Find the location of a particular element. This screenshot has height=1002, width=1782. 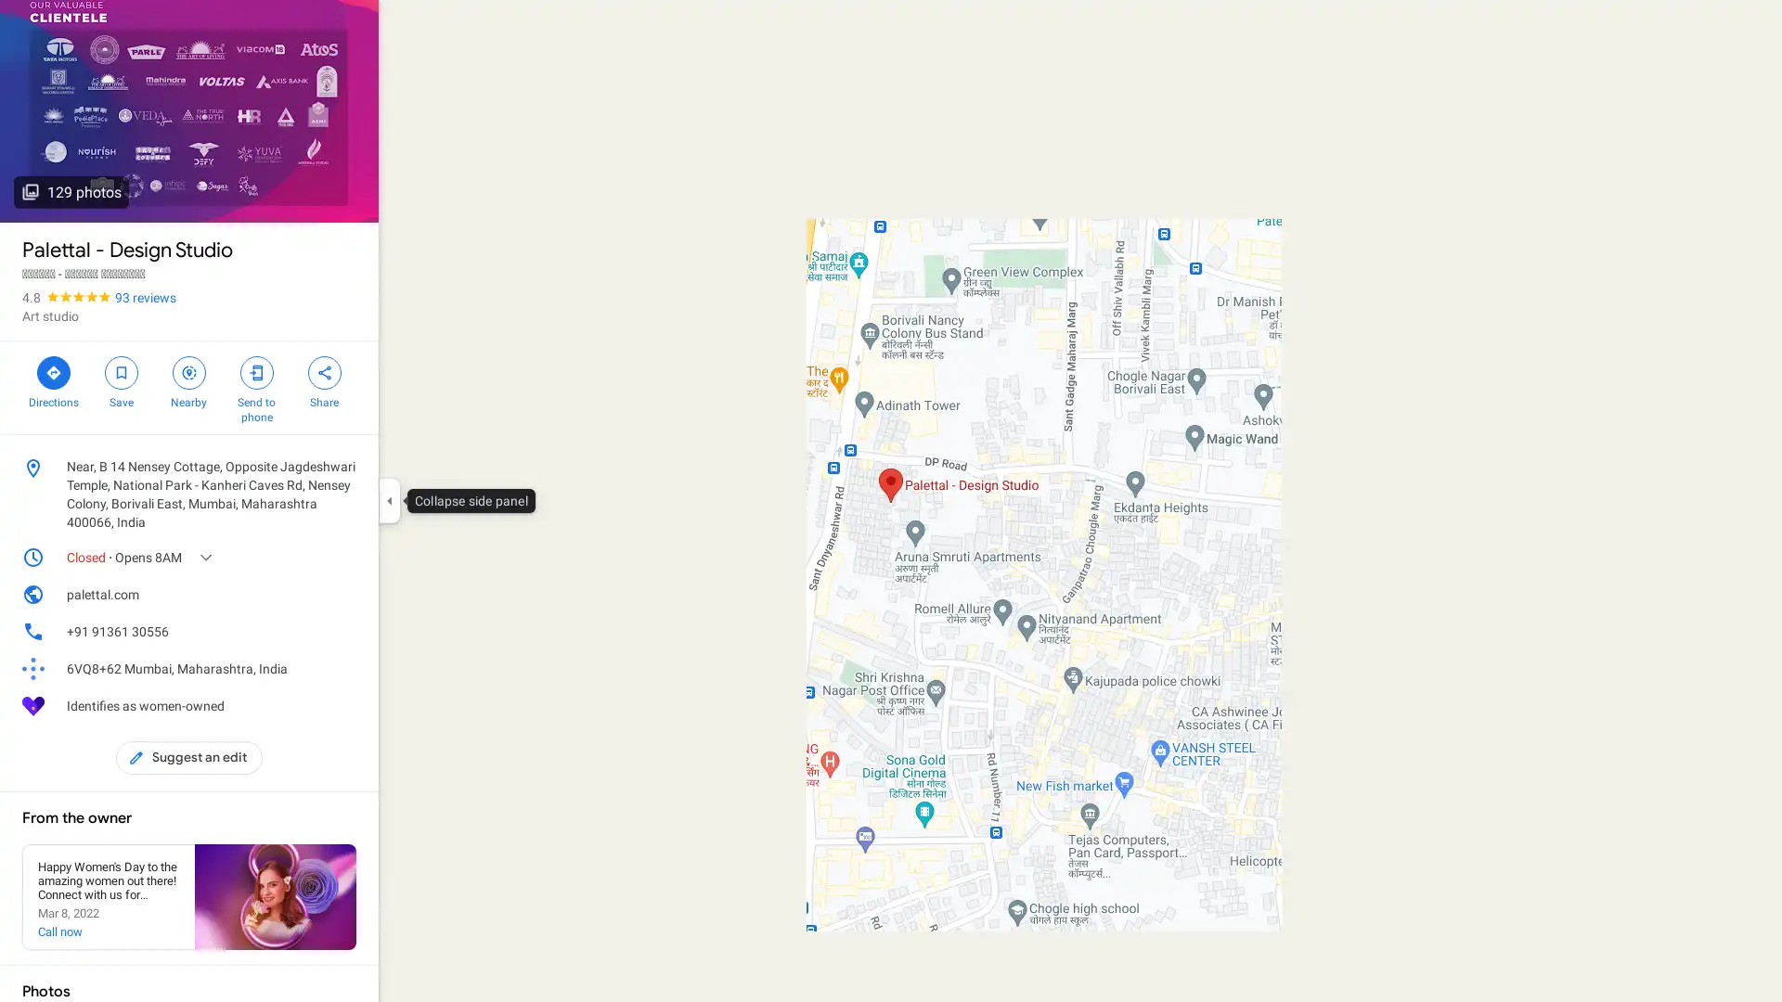

129 photos is located at coordinates (71, 192).